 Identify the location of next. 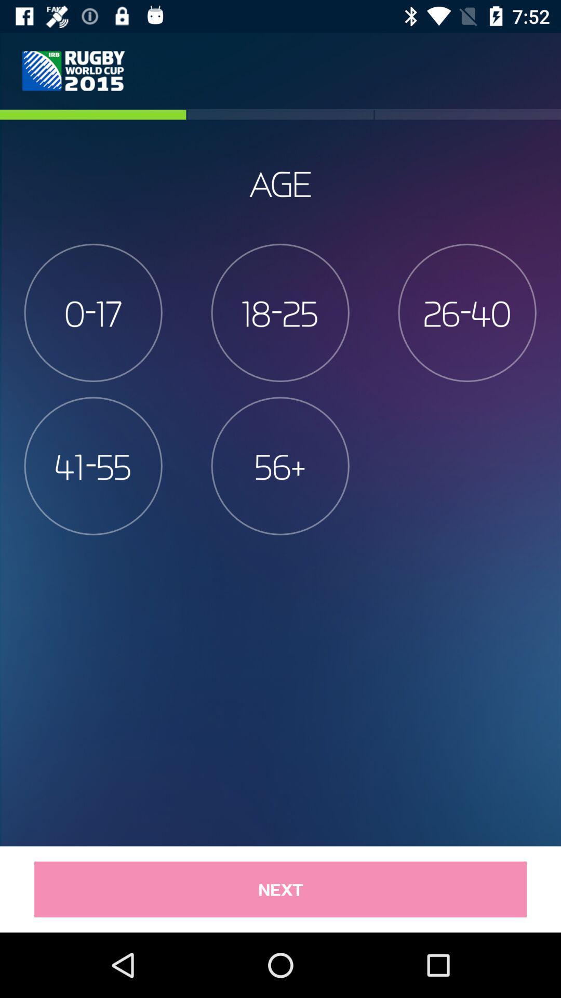
(280, 889).